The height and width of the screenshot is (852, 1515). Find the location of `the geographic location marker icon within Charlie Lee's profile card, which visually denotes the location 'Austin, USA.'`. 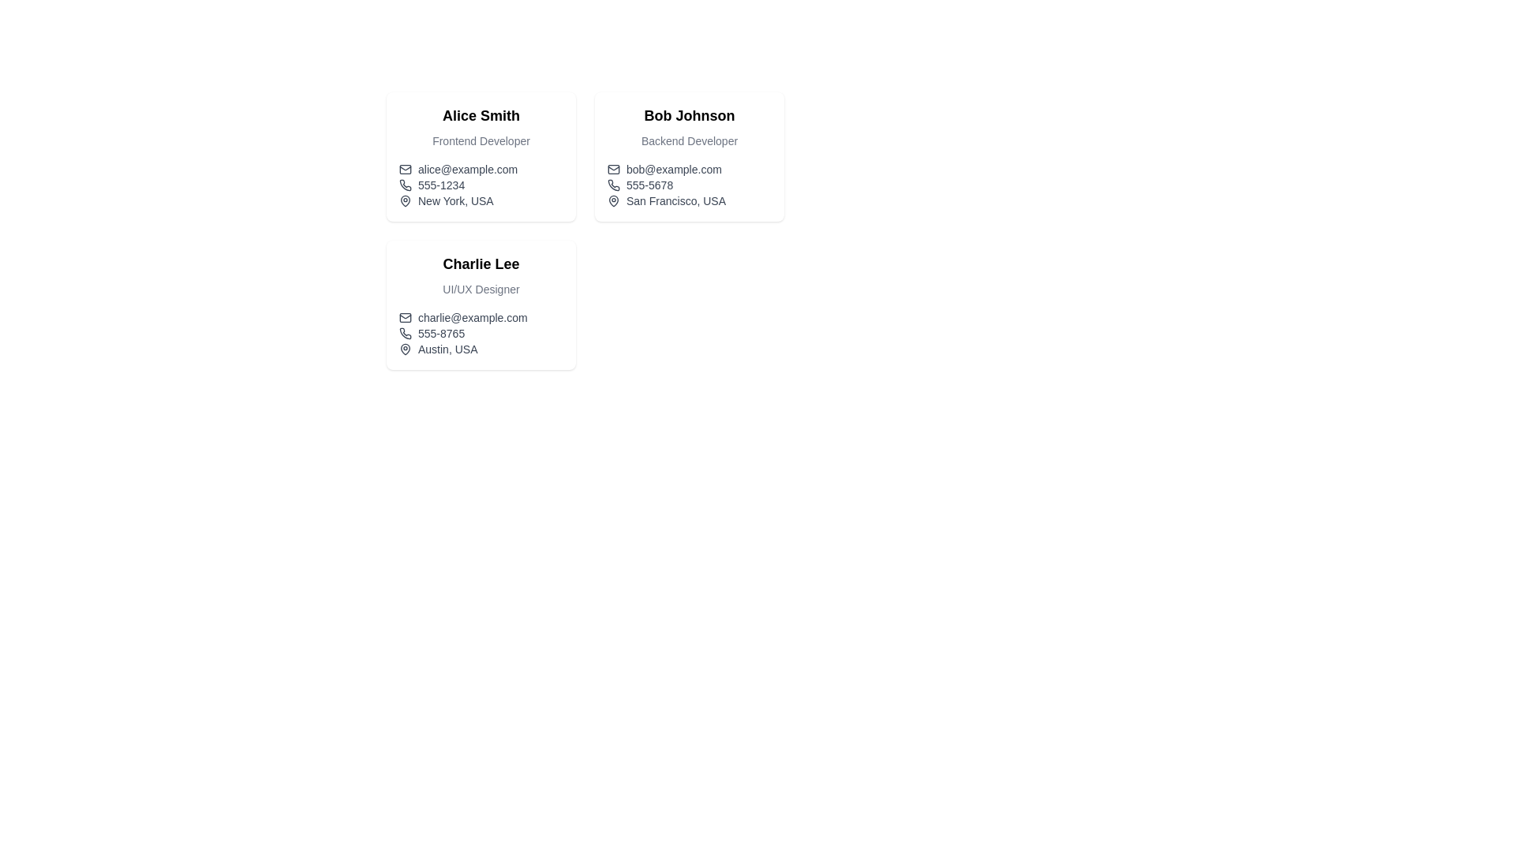

the geographic location marker icon within Charlie Lee's profile card, which visually denotes the location 'Austin, USA.' is located at coordinates (405, 349).